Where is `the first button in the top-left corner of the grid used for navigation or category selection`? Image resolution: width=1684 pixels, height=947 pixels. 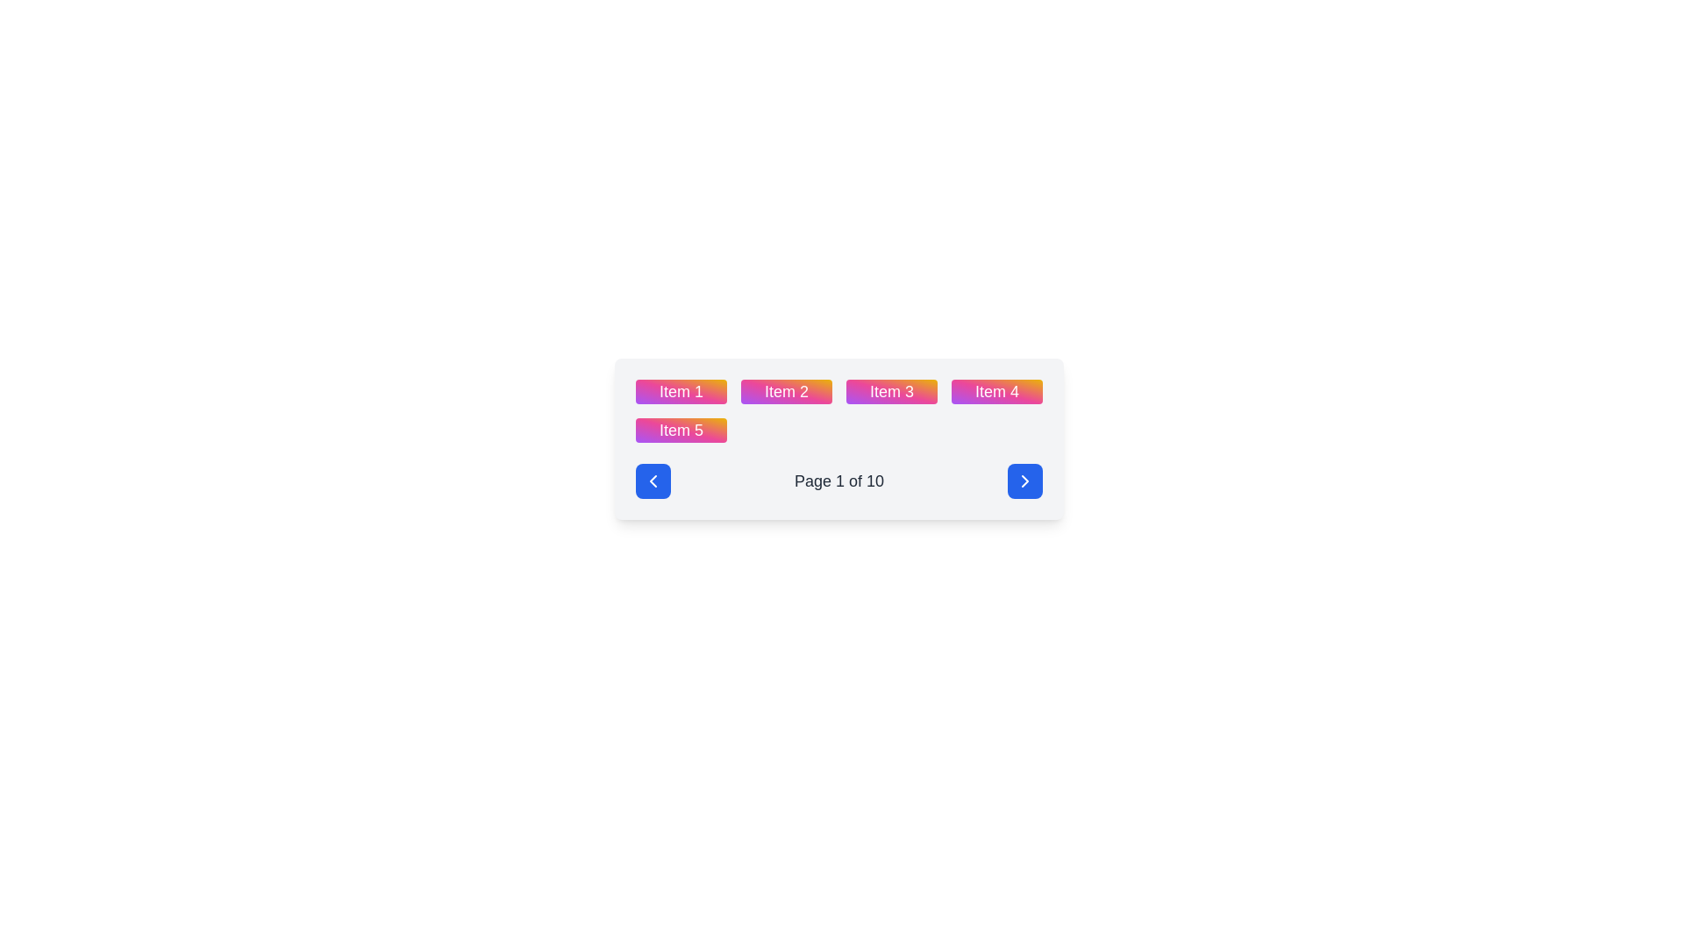
the first button in the top-left corner of the grid used for navigation or category selection is located at coordinates (681, 391).